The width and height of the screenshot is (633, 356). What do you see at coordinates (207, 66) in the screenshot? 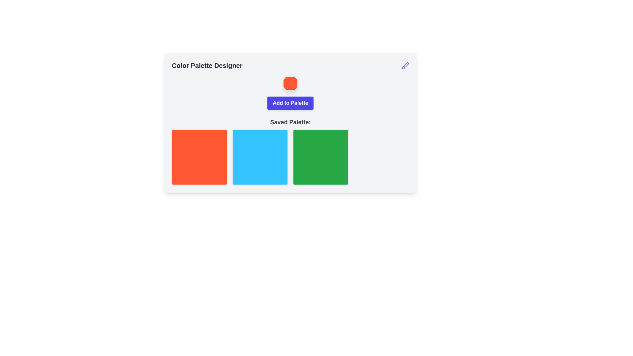
I see `the static text label that serves as a title or header, positioned at the top-left region of the interface, indicating the purpose or context of the interface` at bounding box center [207, 66].